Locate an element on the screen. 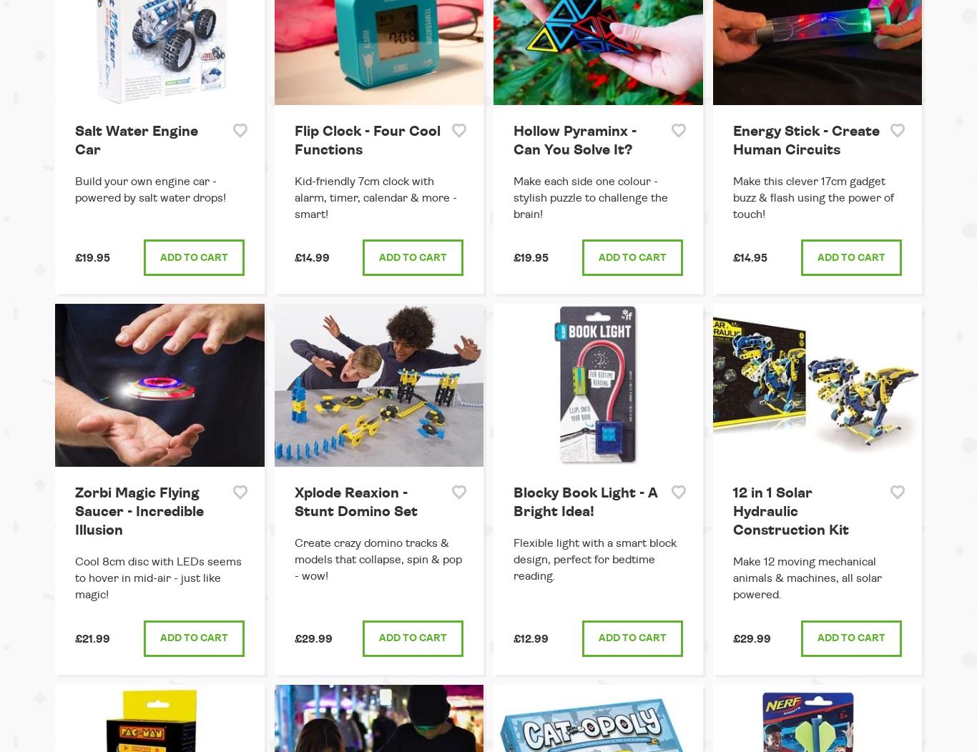 The width and height of the screenshot is (977, 752). 'Salt Water Engine Car' is located at coordinates (75, 139).